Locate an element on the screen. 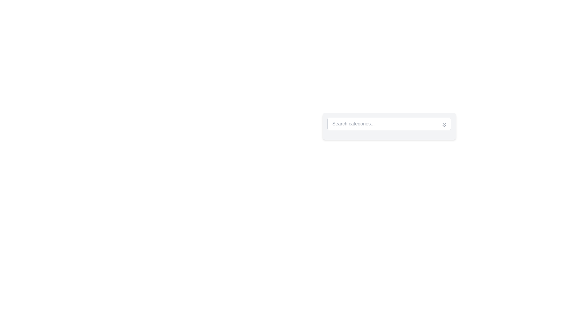  the SVG icon of two stacked downward-facing chevrons located inside the search input field labeled 'Search categories...' is located at coordinates (444, 125).